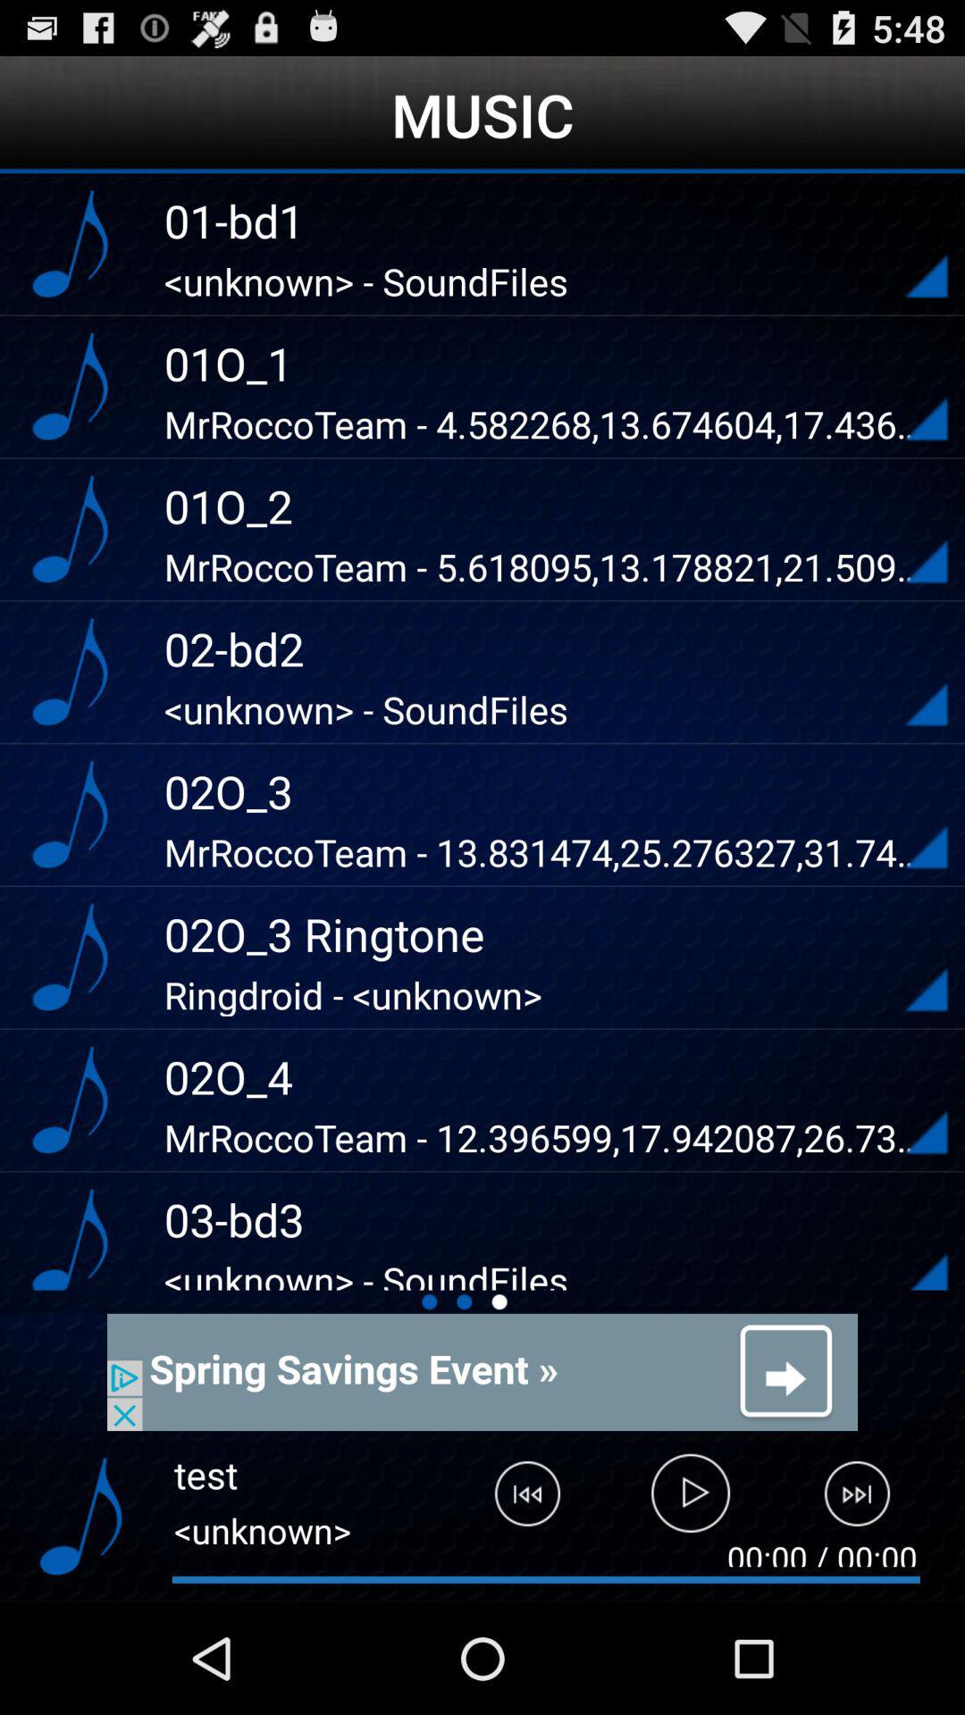 This screenshot has height=1715, width=965. Describe the element at coordinates (514, 1607) in the screenshot. I see `the skip_previous icon` at that location.